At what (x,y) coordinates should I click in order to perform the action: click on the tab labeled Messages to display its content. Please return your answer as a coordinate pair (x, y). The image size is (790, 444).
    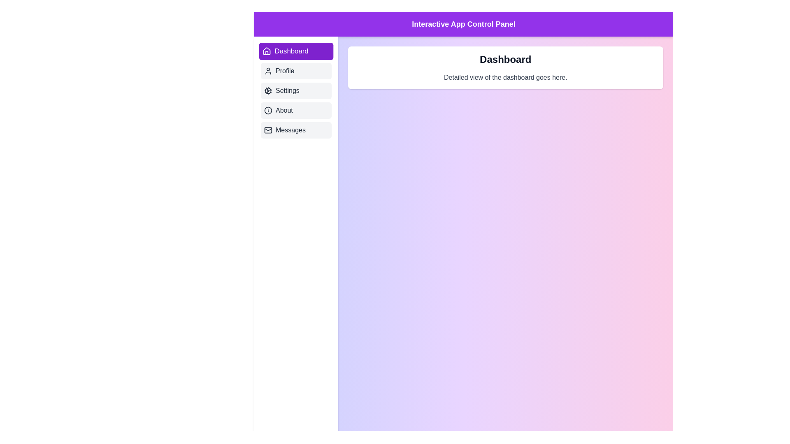
    Looking at the image, I should click on (296, 129).